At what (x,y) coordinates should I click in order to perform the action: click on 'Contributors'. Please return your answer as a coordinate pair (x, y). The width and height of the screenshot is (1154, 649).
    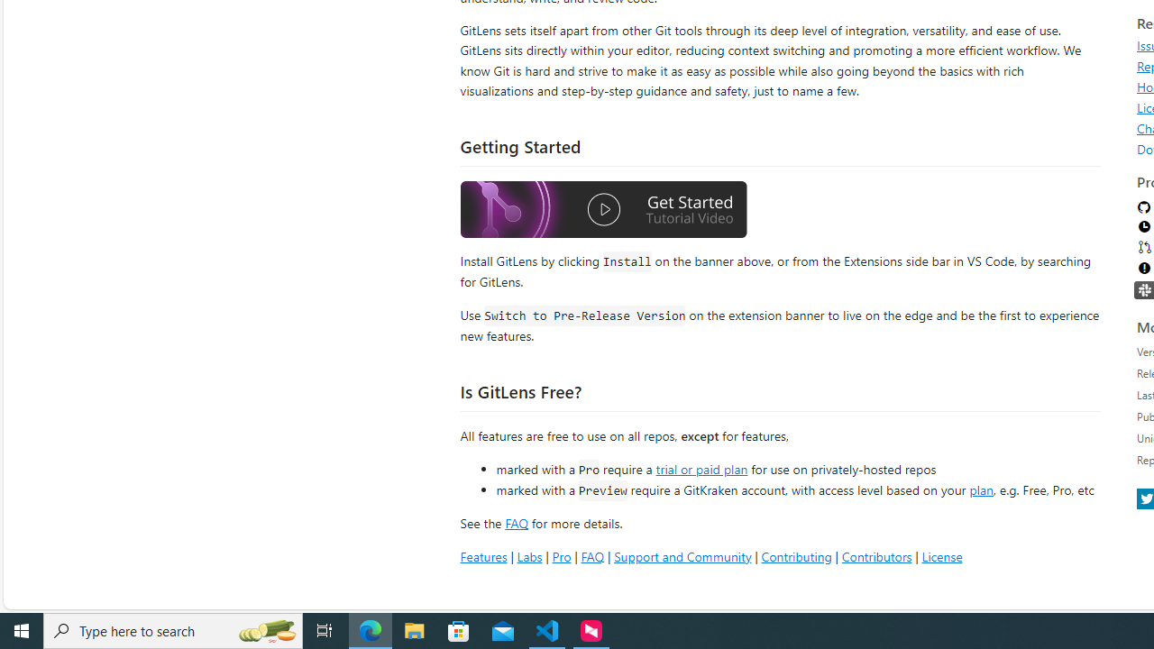
    Looking at the image, I should click on (876, 555).